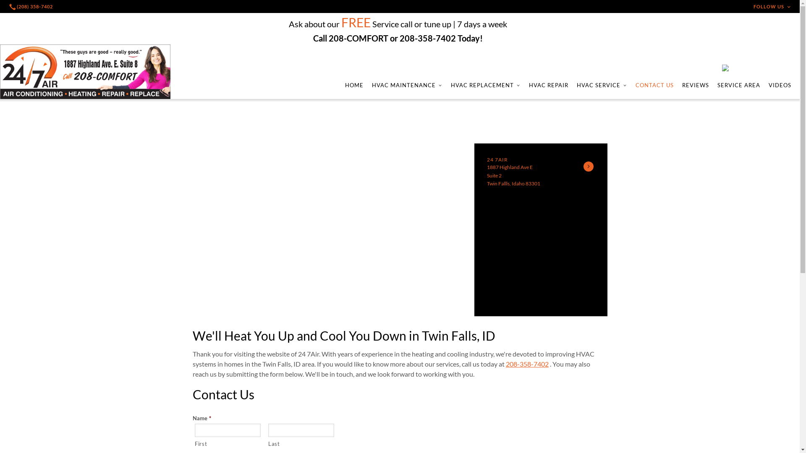  I want to click on '208-358-7402', so click(527, 363).